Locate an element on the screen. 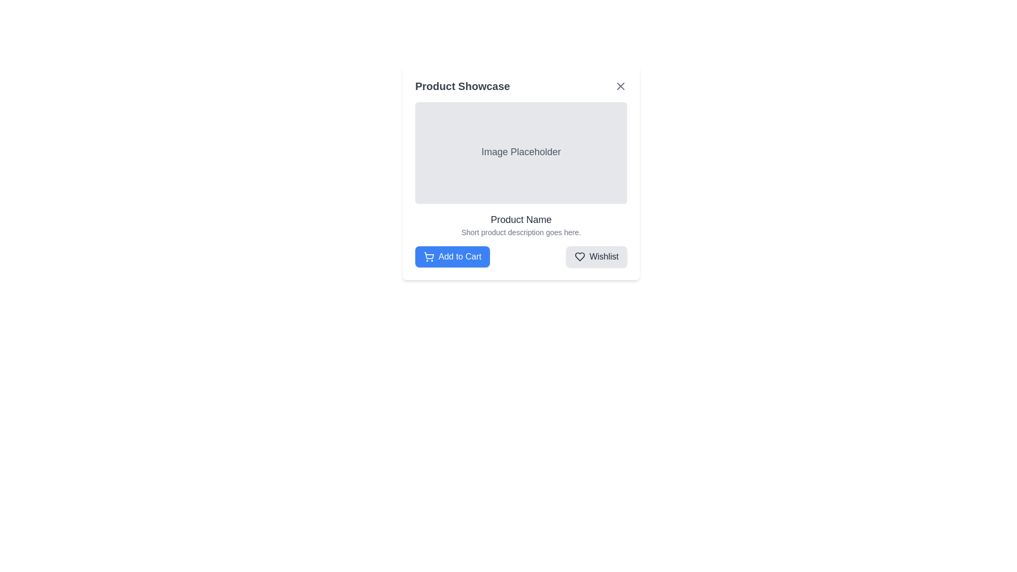 The image size is (1017, 572). the text element that provides a brief description of the product, located below 'Product Name' and above the 'Add to Cart' button is located at coordinates (521, 232).